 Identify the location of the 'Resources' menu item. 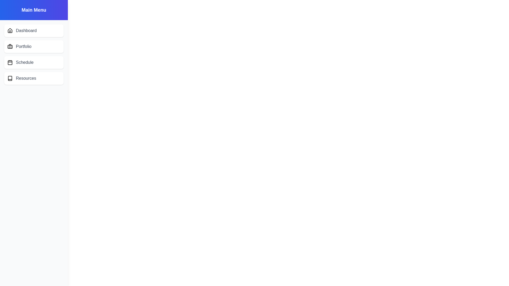
(34, 78).